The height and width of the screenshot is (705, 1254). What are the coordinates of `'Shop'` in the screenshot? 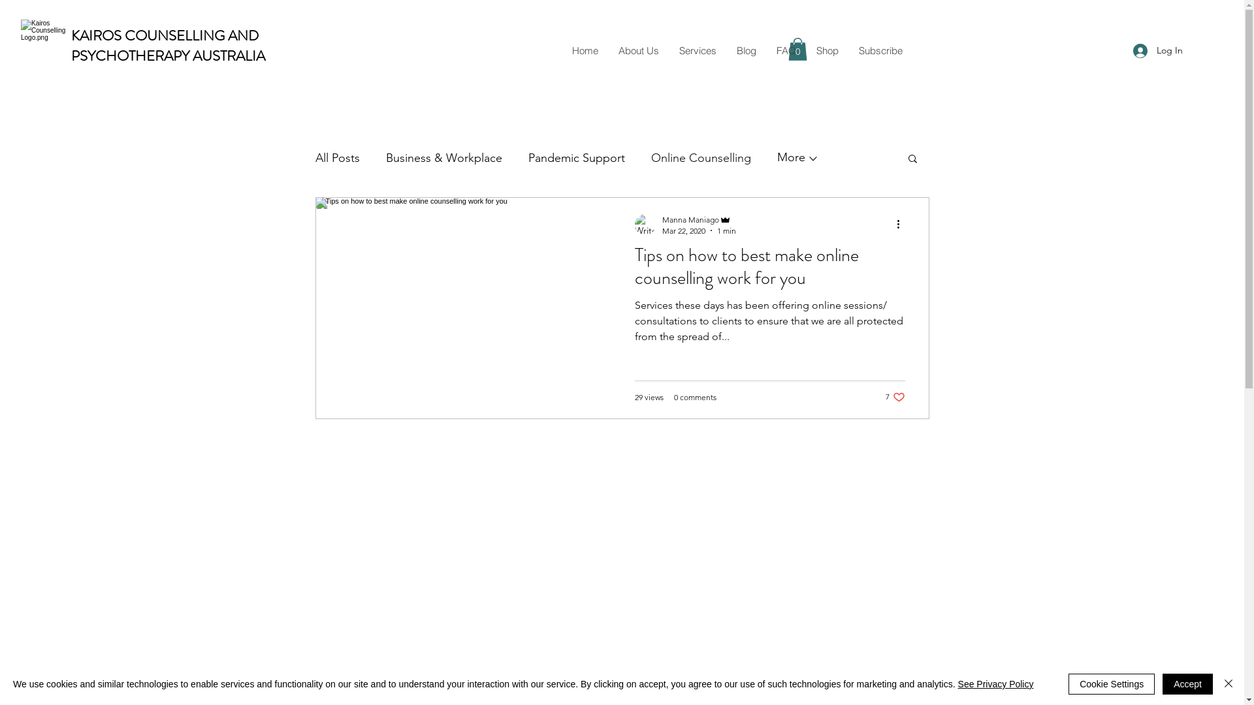 It's located at (826, 50).